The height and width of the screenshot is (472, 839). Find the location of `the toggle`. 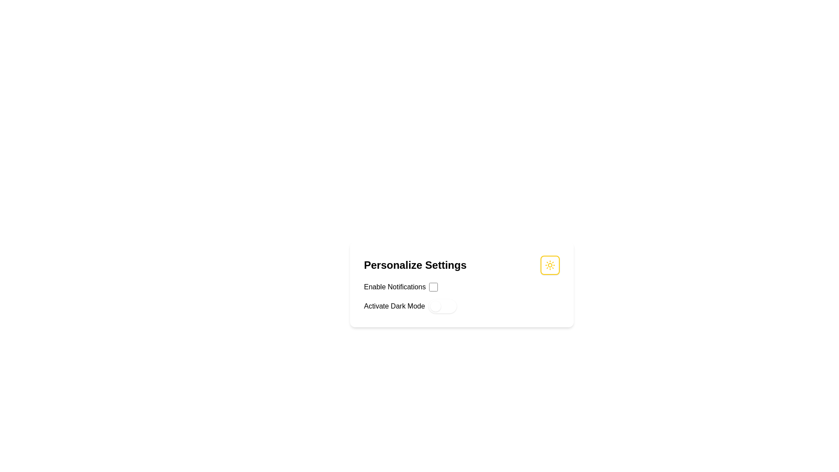

the toggle is located at coordinates (454, 306).